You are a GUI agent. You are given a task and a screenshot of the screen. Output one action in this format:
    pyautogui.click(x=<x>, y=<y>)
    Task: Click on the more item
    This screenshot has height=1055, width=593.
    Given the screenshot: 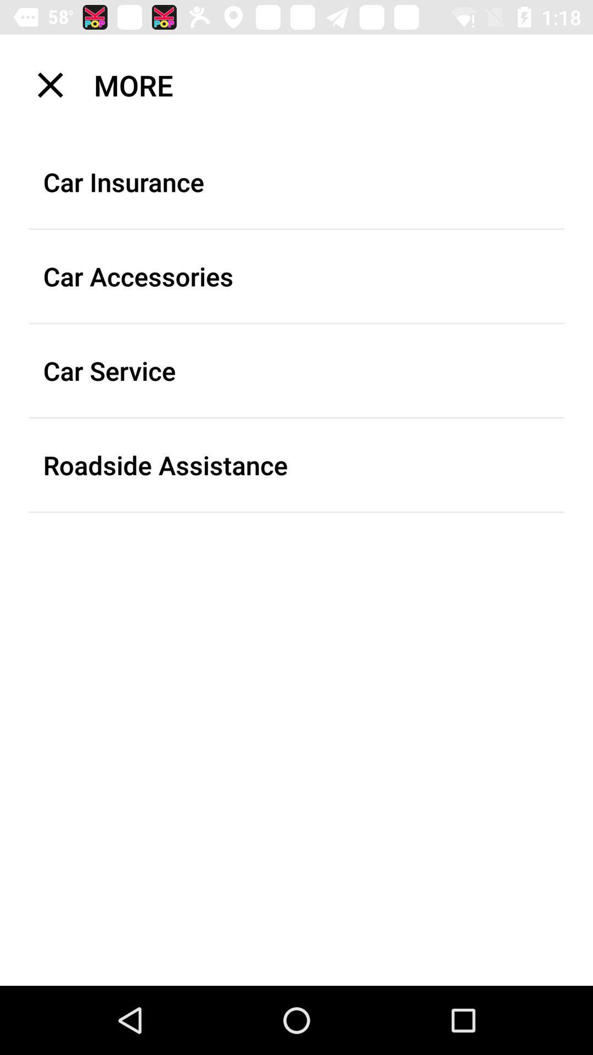 What is the action you would take?
    pyautogui.click(x=304, y=84)
    